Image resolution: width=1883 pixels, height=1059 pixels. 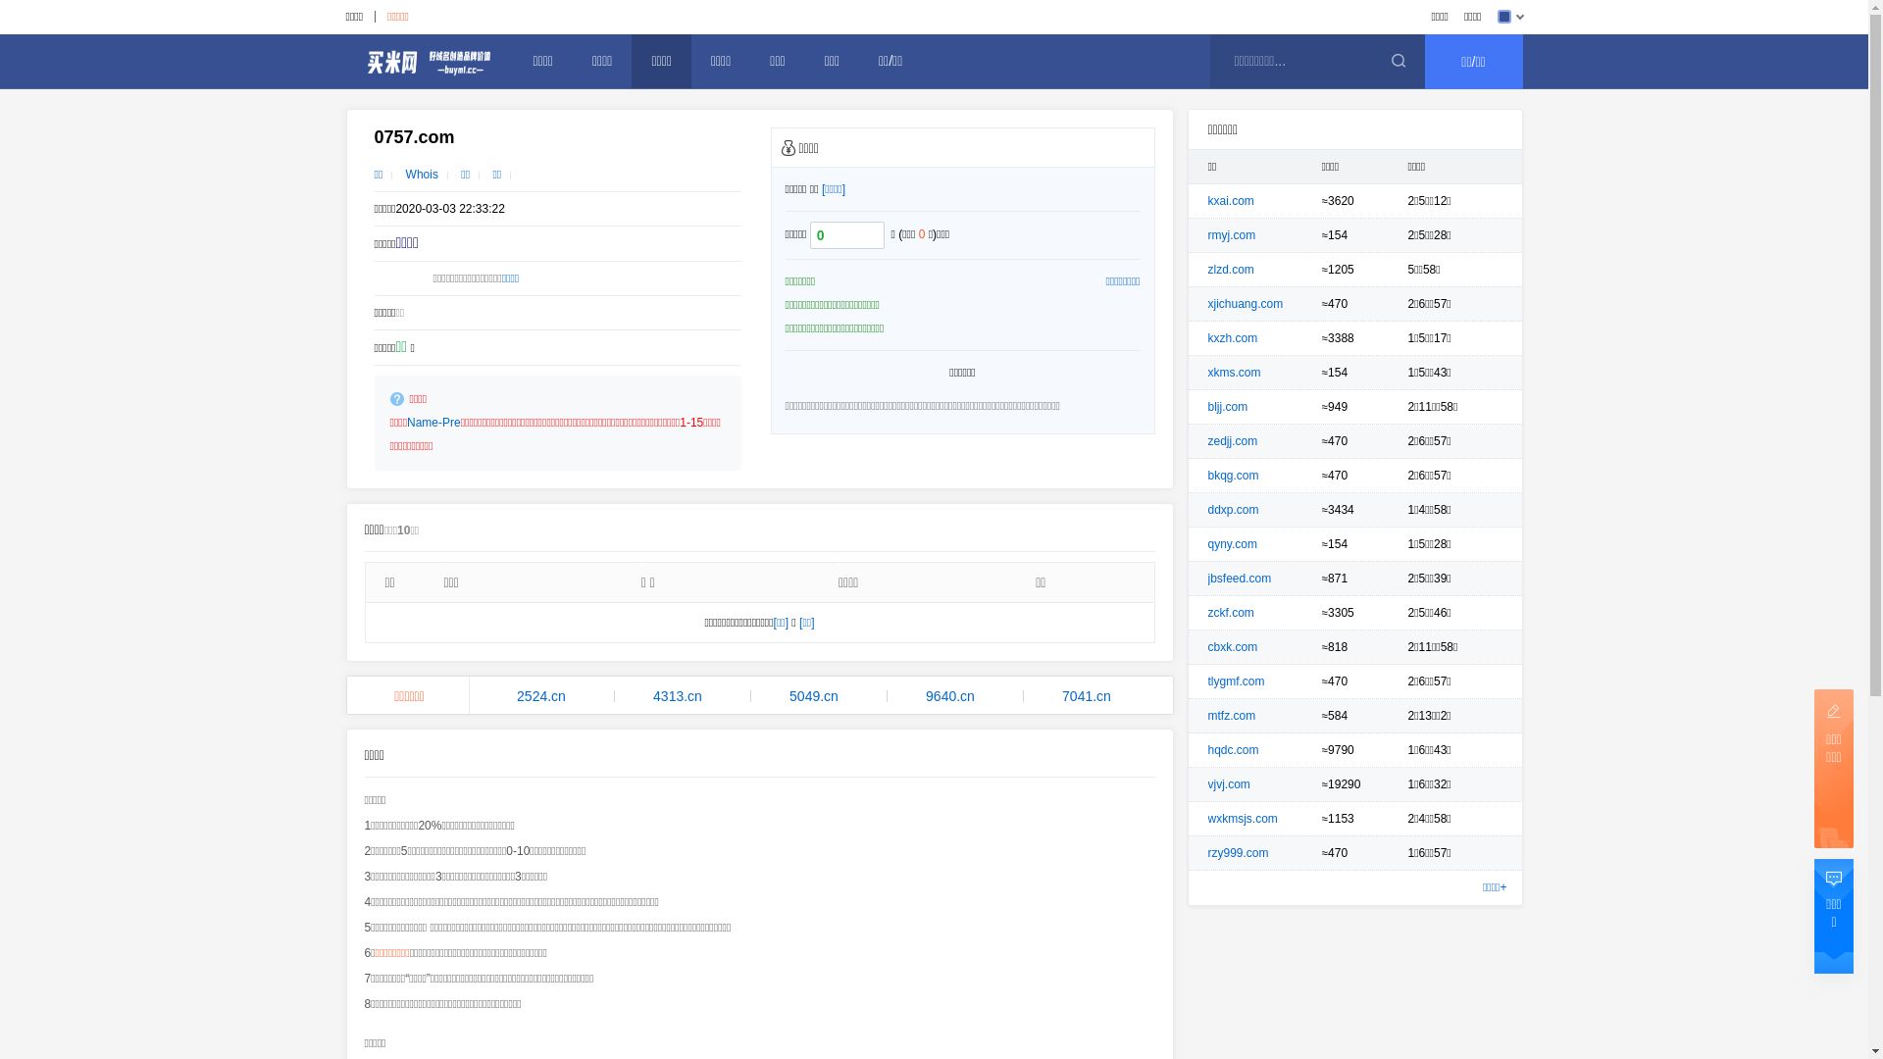 What do you see at coordinates (1207, 680) in the screenshot?
I see `'tlygmf.com'` at bounding box center [1207, 680].